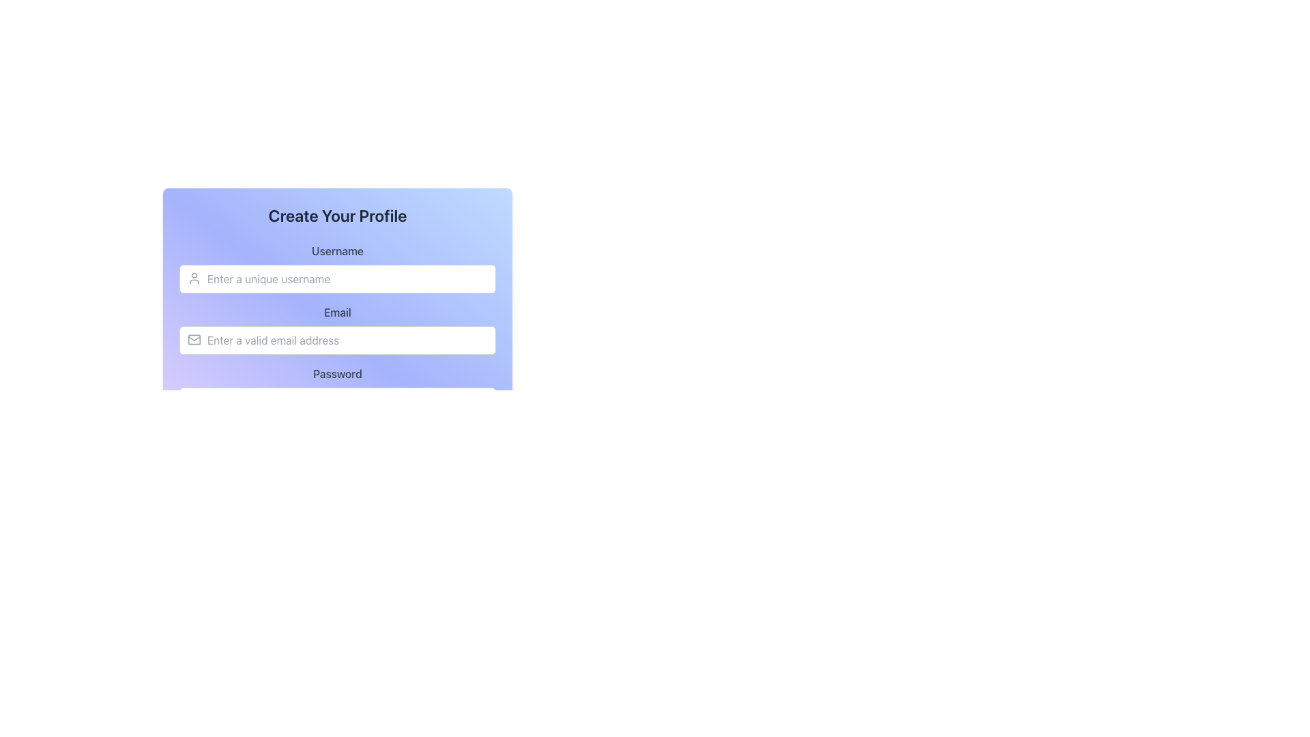  What do you see at coordinates (337, 215) in the screenshot?
I see `the prominently styled text label that says 'Create Your Profile', which is in a large, bold font and has a gradient background from purple to blue` at bounding box center [337, 215].